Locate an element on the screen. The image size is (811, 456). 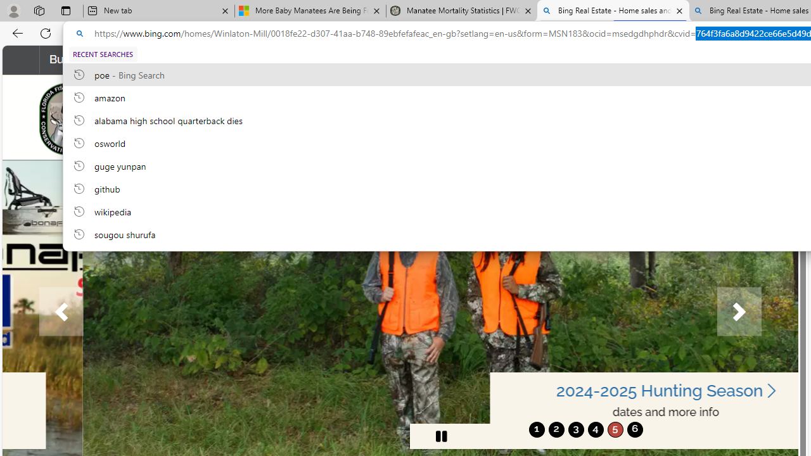
'move to slide 3' is located at coordinates (575, 429).